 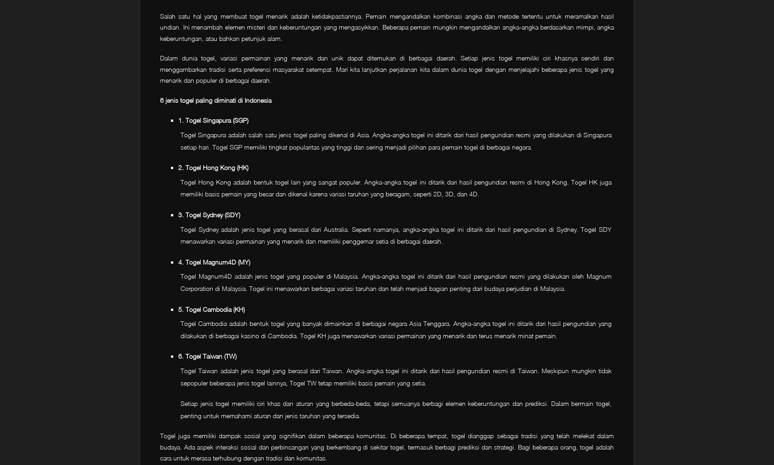 What do you see at coordinates (215, 99) in the screenshot?
I see `'6 jenis togel paling diminati di Indonesia'` at bounding box center [215, 99].